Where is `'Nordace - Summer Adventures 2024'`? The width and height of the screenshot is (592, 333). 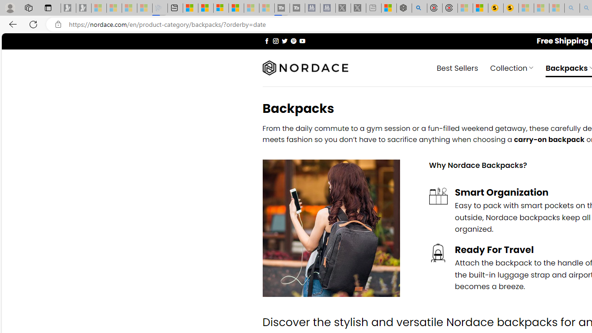
'Nordace - Summer Adventures 2024' is located at coordinates (404, 8).